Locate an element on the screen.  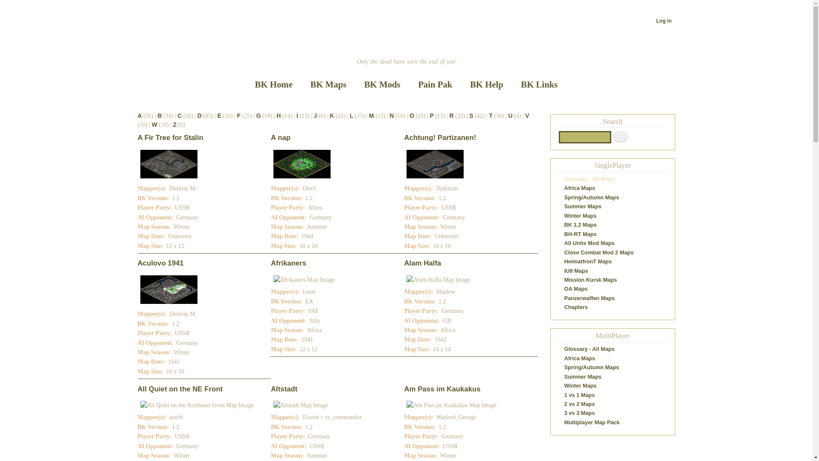
'IUII Maps' is located at coordinates (576, 271).